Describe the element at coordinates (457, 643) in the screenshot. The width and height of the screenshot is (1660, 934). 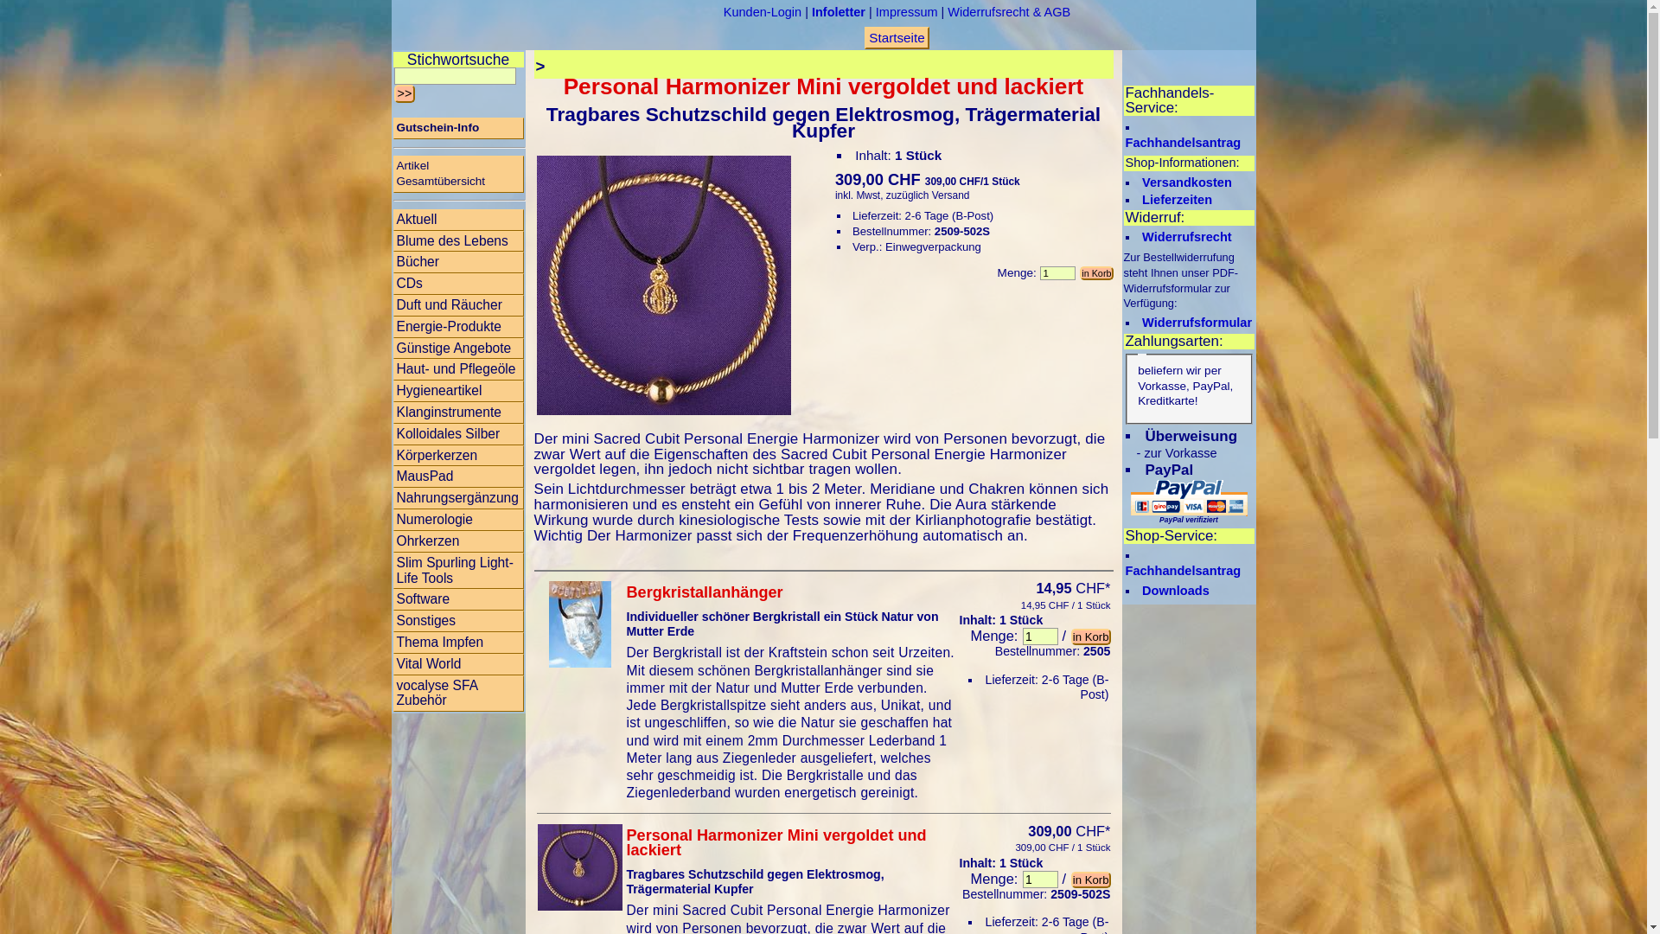
I see `'Thema Impfen'` at that location.